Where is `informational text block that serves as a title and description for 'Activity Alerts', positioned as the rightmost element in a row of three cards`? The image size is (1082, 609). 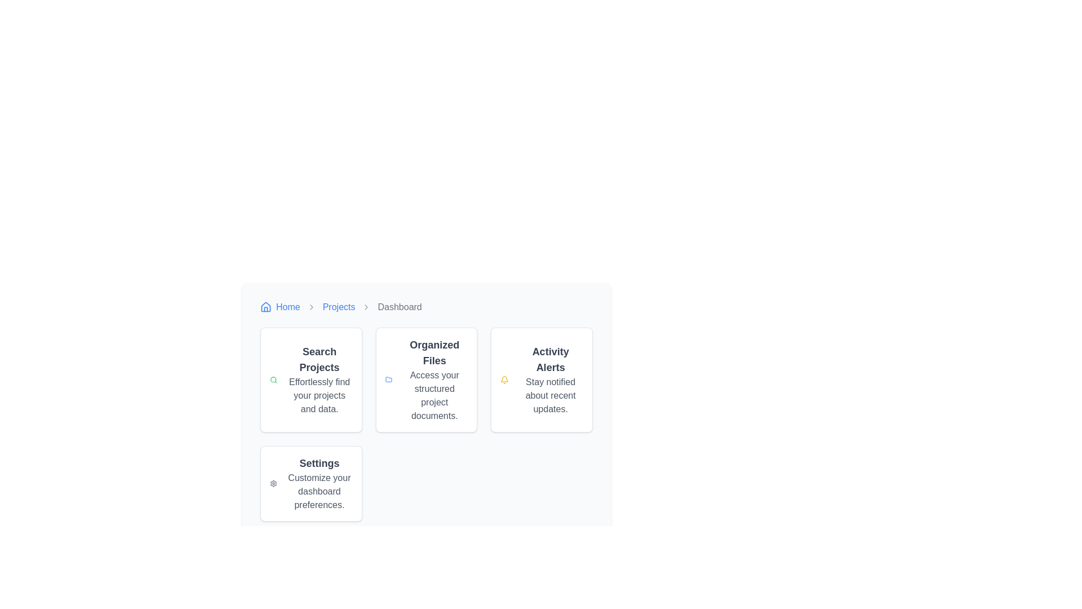 informational text block that serves as a title and description for 'Activity Alerts', positioned as the rightmost element in a row of three cards is located at coordinates (551, 380).